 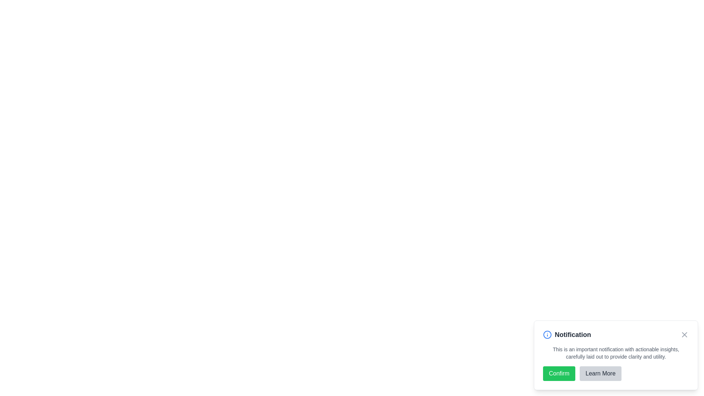 What do you see at coordinates (600, 373) in the screenshot?
I see `the 'Learn More' button located at the bottom right corner of the notification modal via keyboard navigation` at bounding box center [600, 373].